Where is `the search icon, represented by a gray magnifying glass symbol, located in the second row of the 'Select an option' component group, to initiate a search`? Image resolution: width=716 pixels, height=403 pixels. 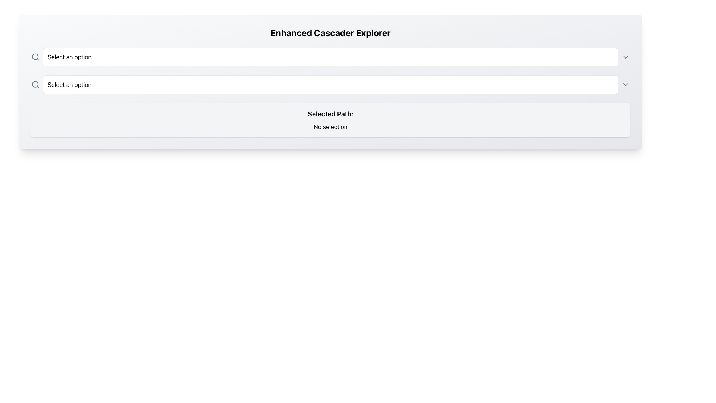 the search icon, represented by a gray magnifying glass symbol, located in the second row of the 'Select an option' component group, to initiate a search is located at coordinates (35, 84).